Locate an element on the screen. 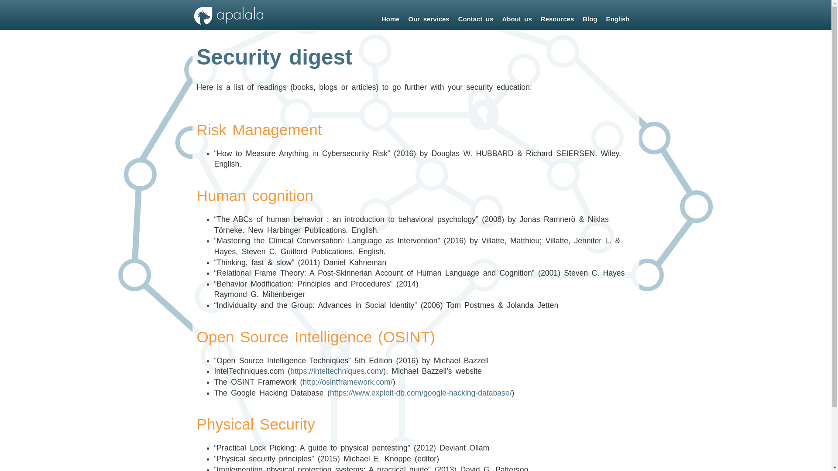 This screenshot has width=838, height=471. 'English' is located at coordinates (617, 19).